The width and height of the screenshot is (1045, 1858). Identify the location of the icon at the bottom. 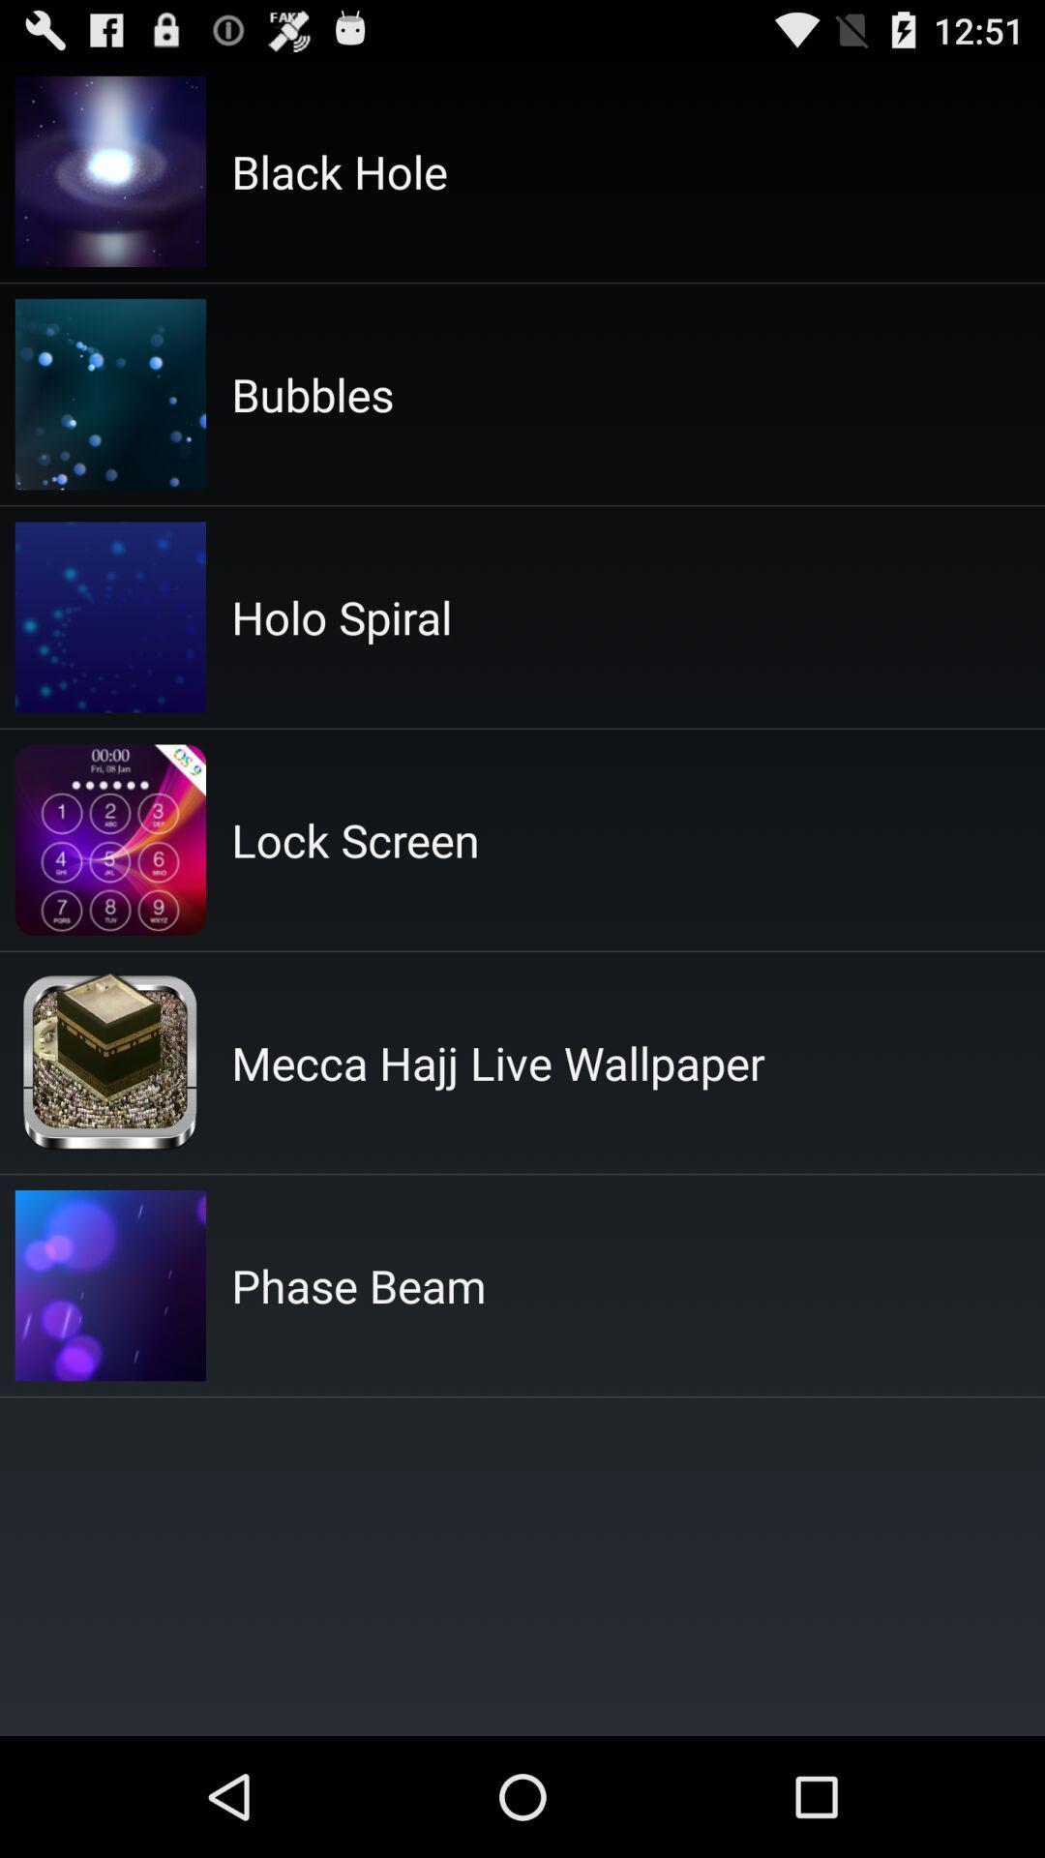
(358, 1285).